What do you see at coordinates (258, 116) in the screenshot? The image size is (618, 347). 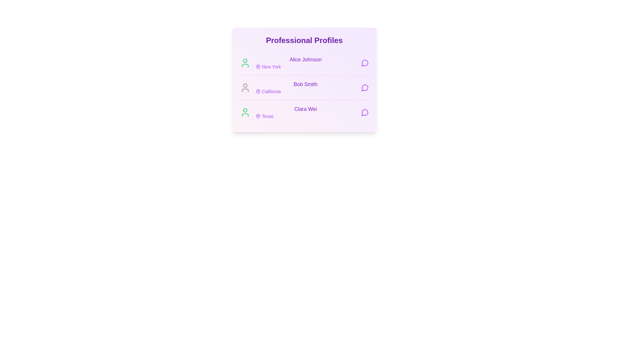 I see `the location information for Texas` at bounding box center [258, 116].